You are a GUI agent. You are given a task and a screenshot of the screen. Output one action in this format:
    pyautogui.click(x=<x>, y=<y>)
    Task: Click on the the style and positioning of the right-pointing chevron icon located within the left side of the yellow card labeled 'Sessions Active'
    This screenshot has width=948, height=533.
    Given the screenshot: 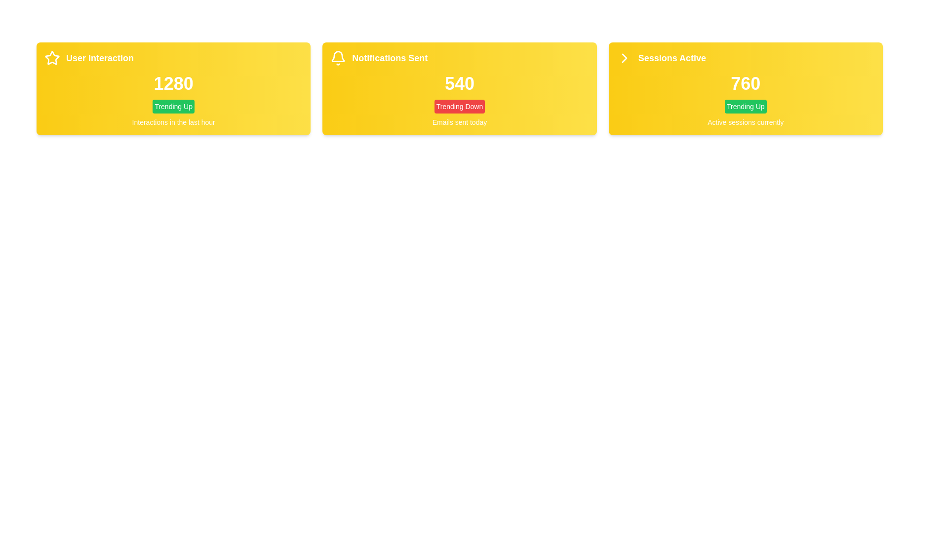 What is the action you would take?
    pyautogui.click(x=624, y=58)
    